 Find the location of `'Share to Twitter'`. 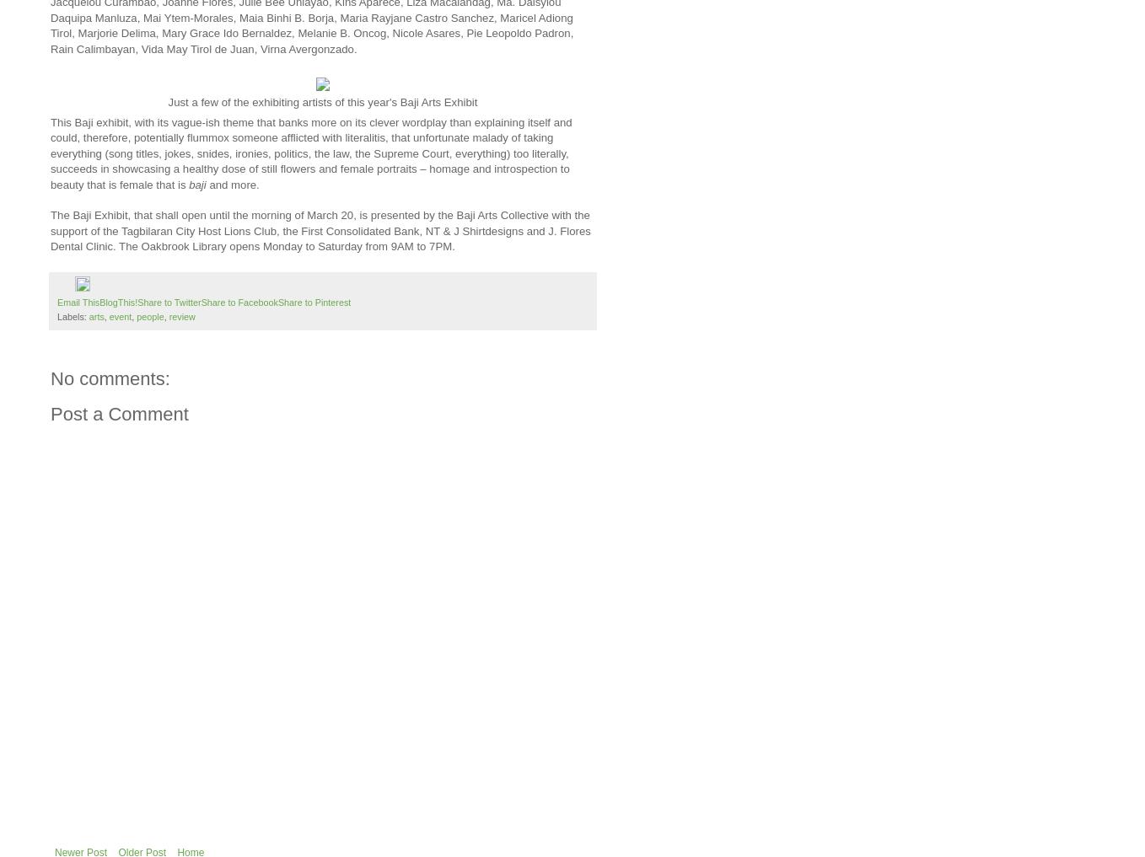

'Share to Twitter' is located at coordinates (168, 302).